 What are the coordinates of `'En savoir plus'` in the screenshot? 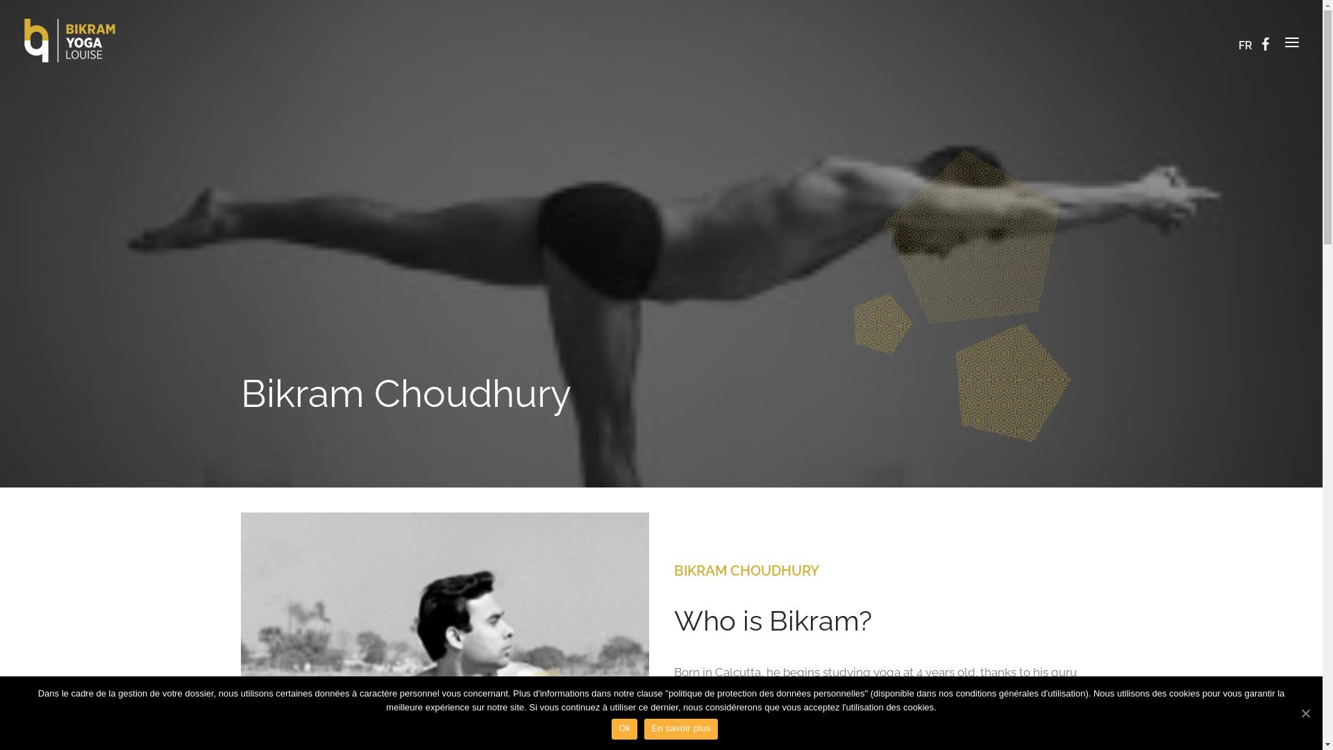 It's located at (680, 728).